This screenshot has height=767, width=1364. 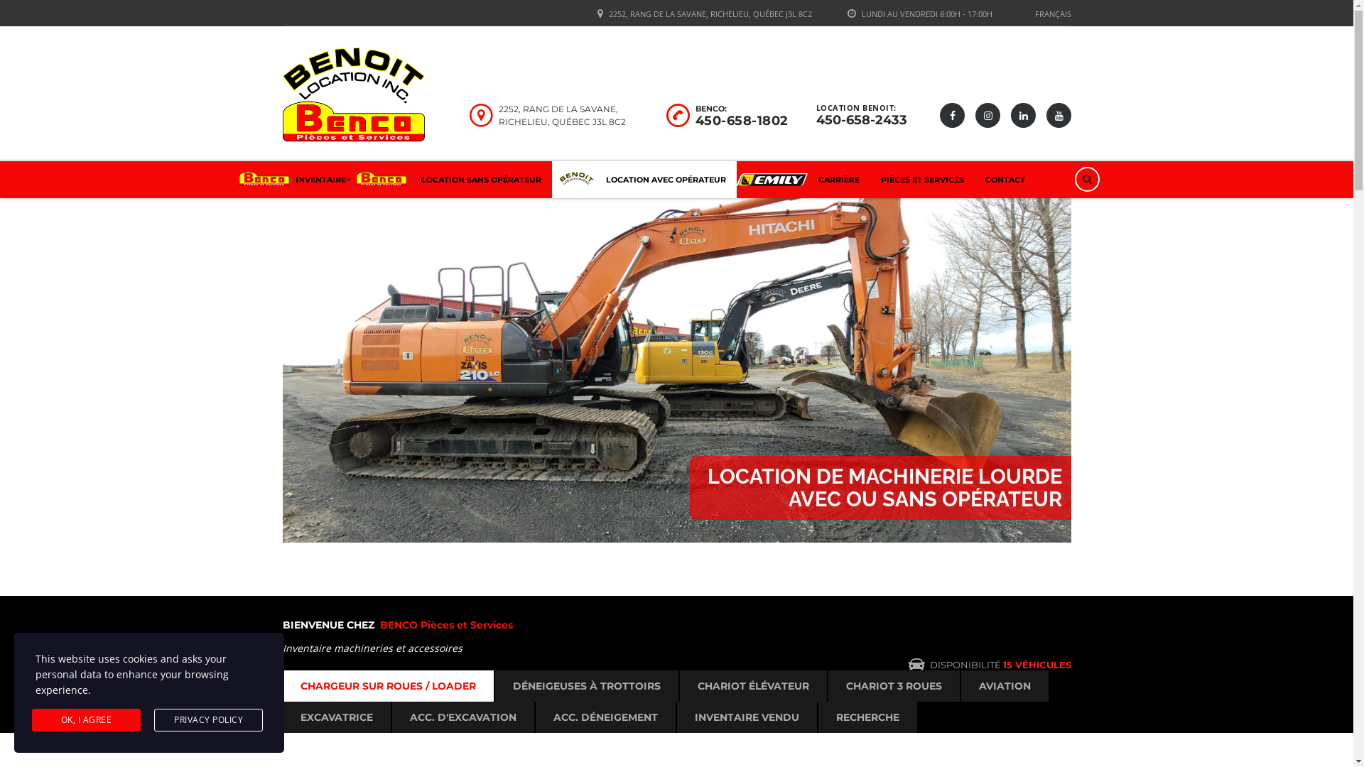 What do you see at coordinates (207, 720) in the screenshot?
I see `'PRIVACY POLICY'` at bounding box center [207, 720].